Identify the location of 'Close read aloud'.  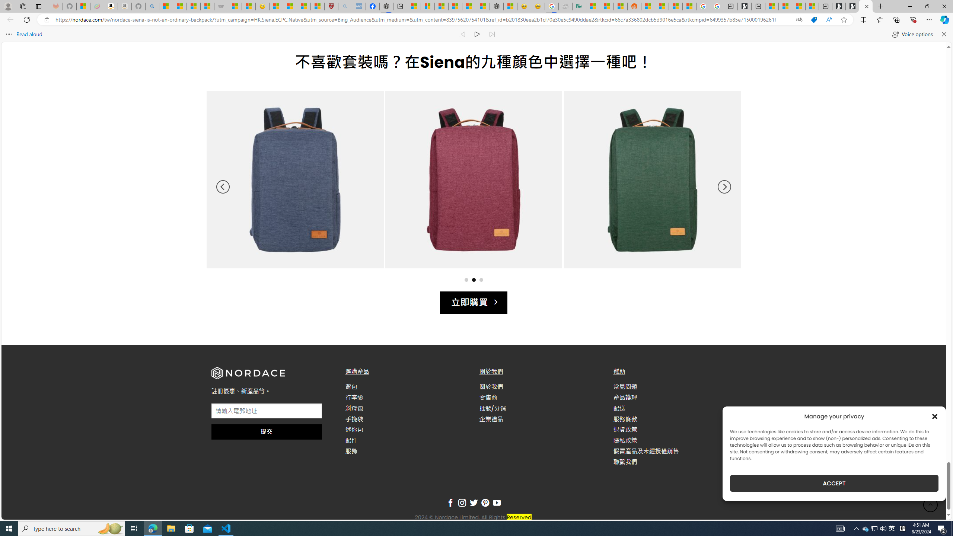
(943, 34).